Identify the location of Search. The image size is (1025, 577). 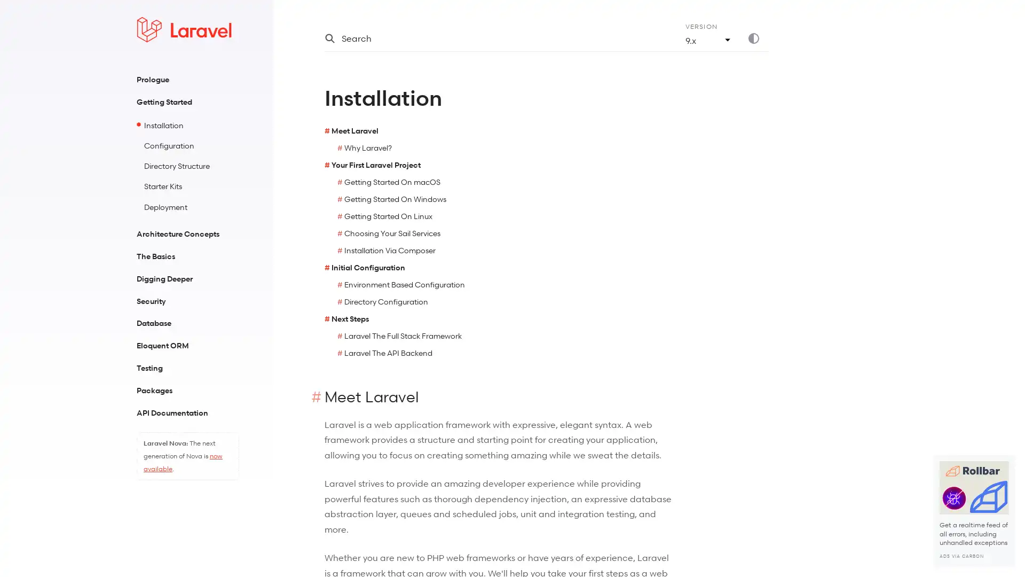
(491, 38).